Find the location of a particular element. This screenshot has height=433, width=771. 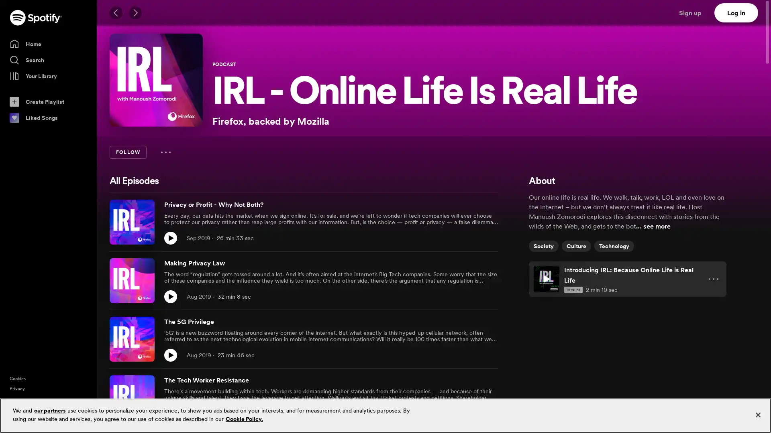

Play is located at coordinates (546, 278).